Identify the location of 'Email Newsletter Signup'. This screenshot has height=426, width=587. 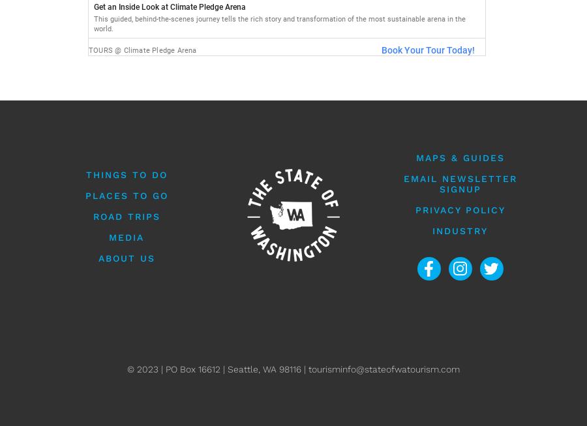
(459, 183).